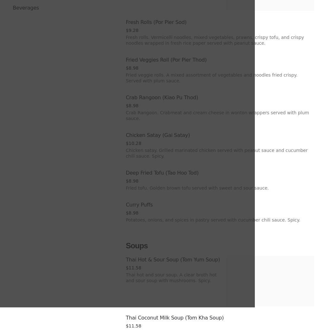 The width and height of the screenshot is (327, 331). What do you see at coordinates (125, 245) in the screenshot?
I see `'Soups'` at bounding box center [125, 245].